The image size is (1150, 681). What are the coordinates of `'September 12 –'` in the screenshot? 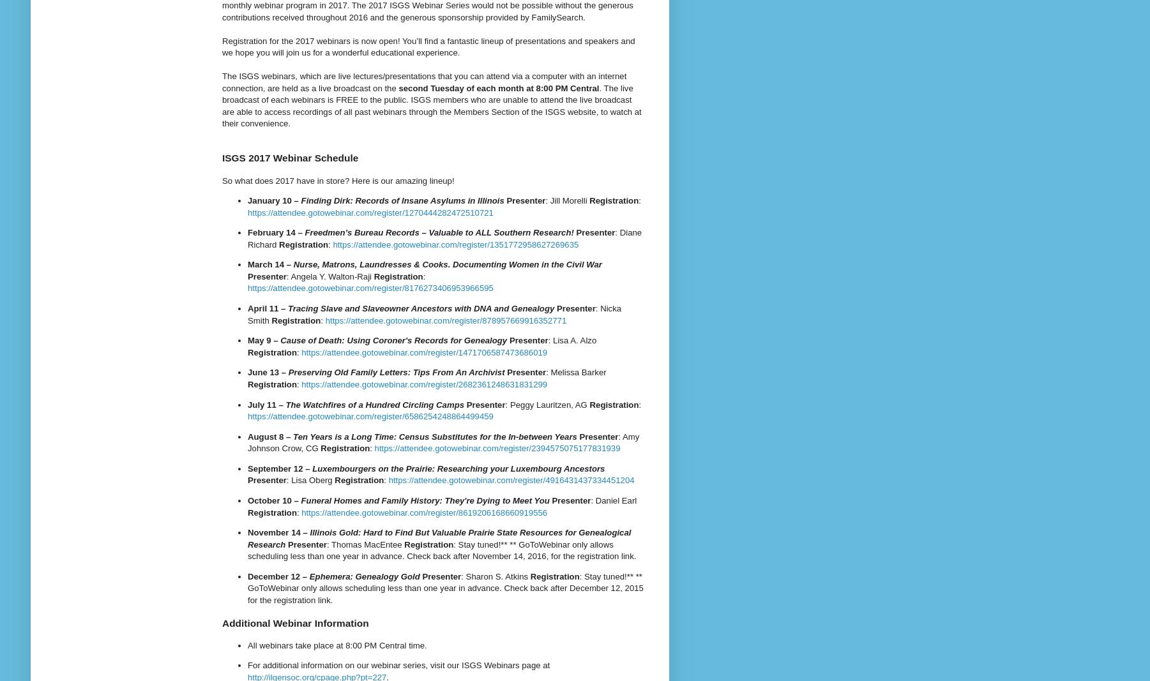 It's located at (247, 467).